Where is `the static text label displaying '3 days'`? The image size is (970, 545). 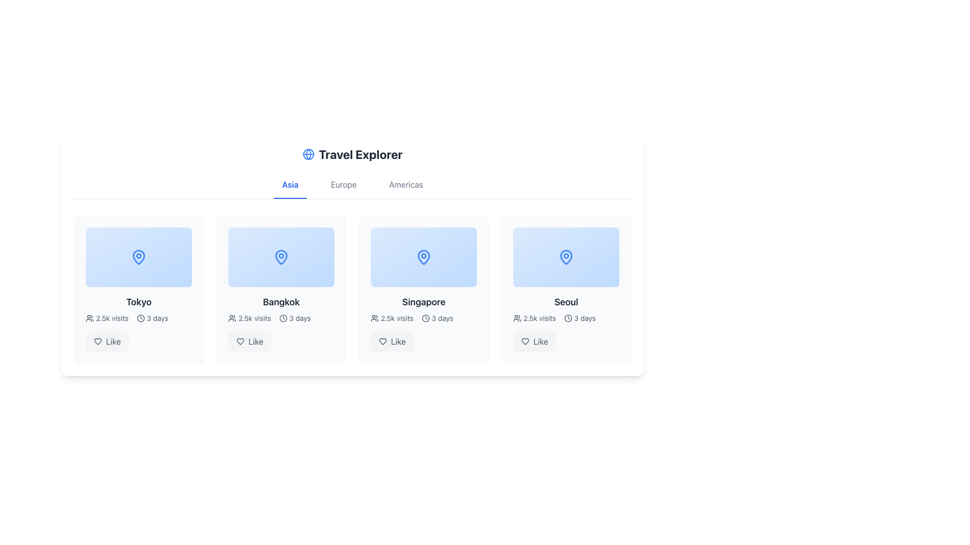
the static text label displaying '3 days' is located at coordinates (157, 318).